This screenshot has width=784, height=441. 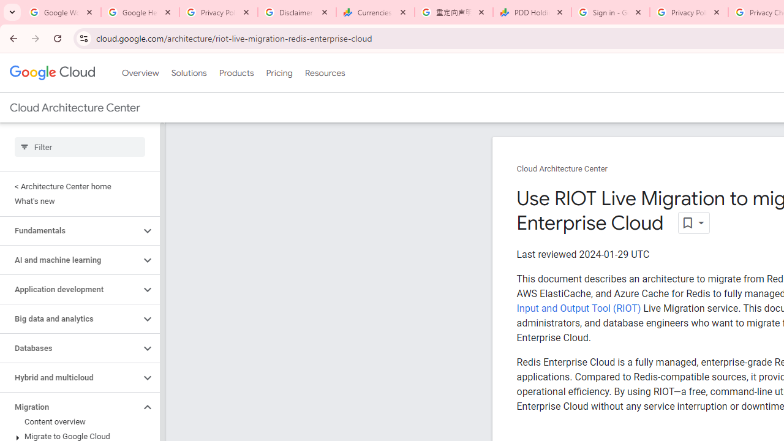 What do you see at coordinates (325, 73) in the screenshot?
I see `'Resources'` at bounding box center [325, 73].